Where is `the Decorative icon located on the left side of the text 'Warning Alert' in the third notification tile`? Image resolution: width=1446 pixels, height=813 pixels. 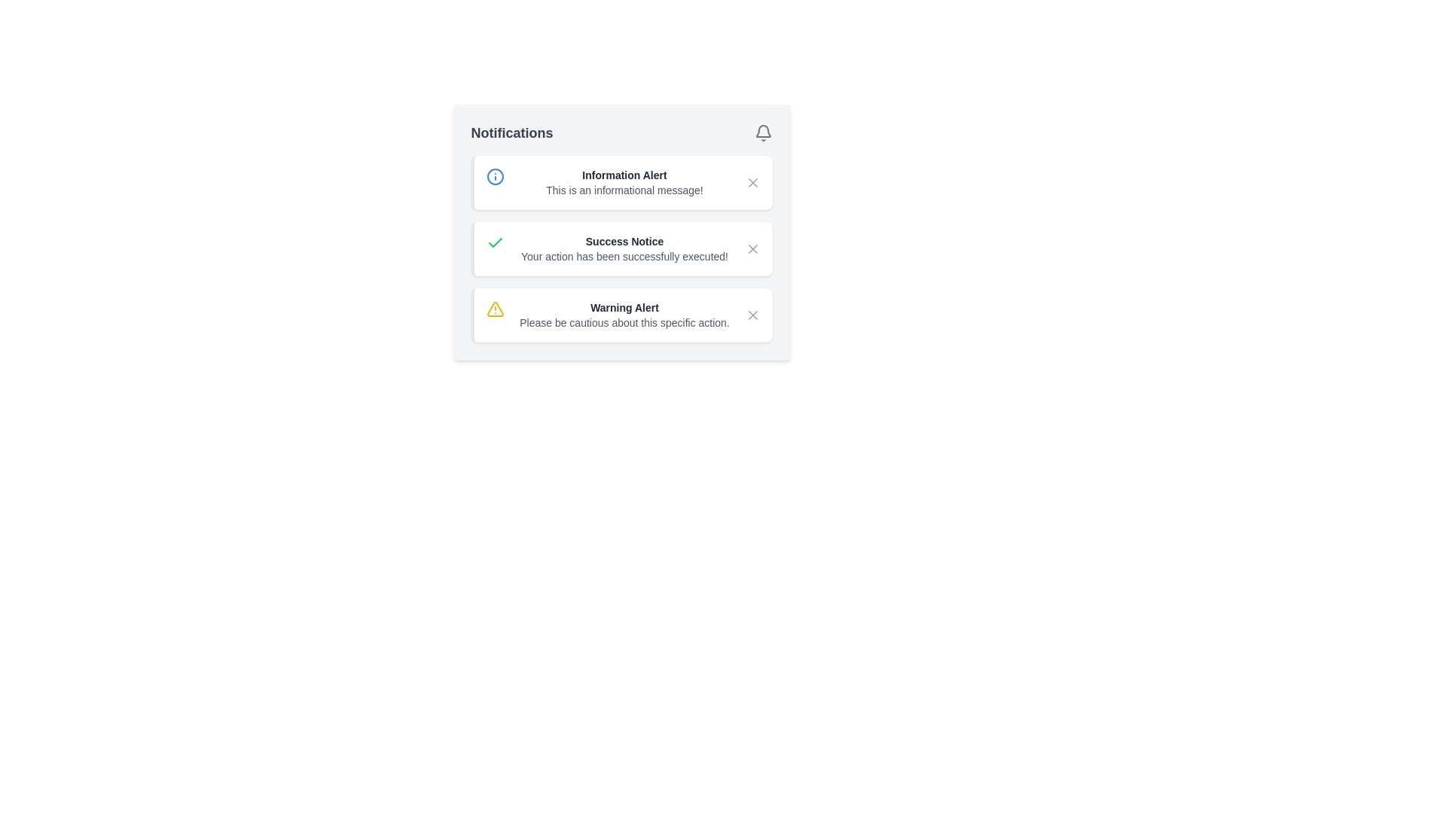 the Decorative icon located on the left side of the text 'Warning Alert' in the third notification tile is located at coordinates (495, 308).